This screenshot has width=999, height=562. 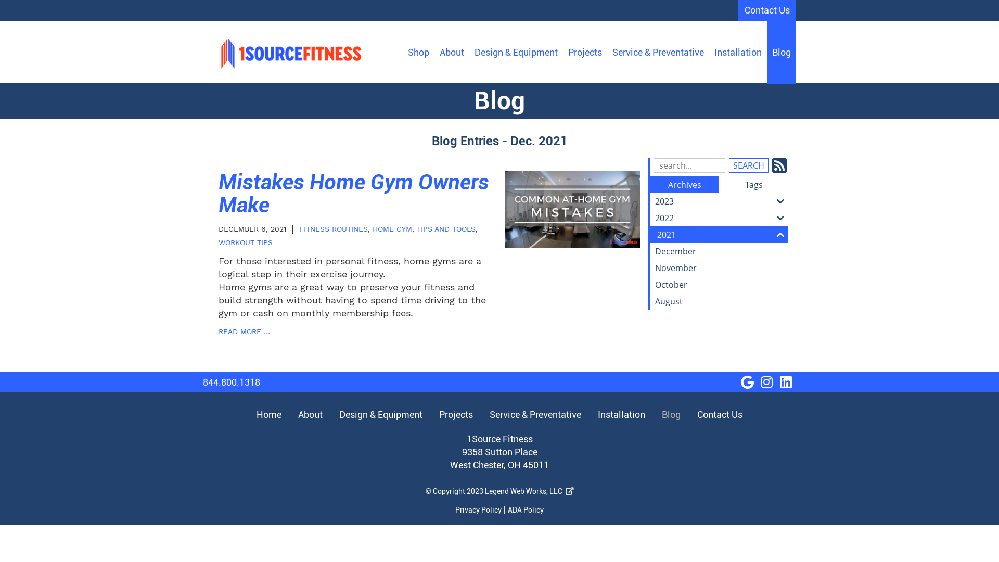 I want to click on 'December', so click(x=649, y=251).